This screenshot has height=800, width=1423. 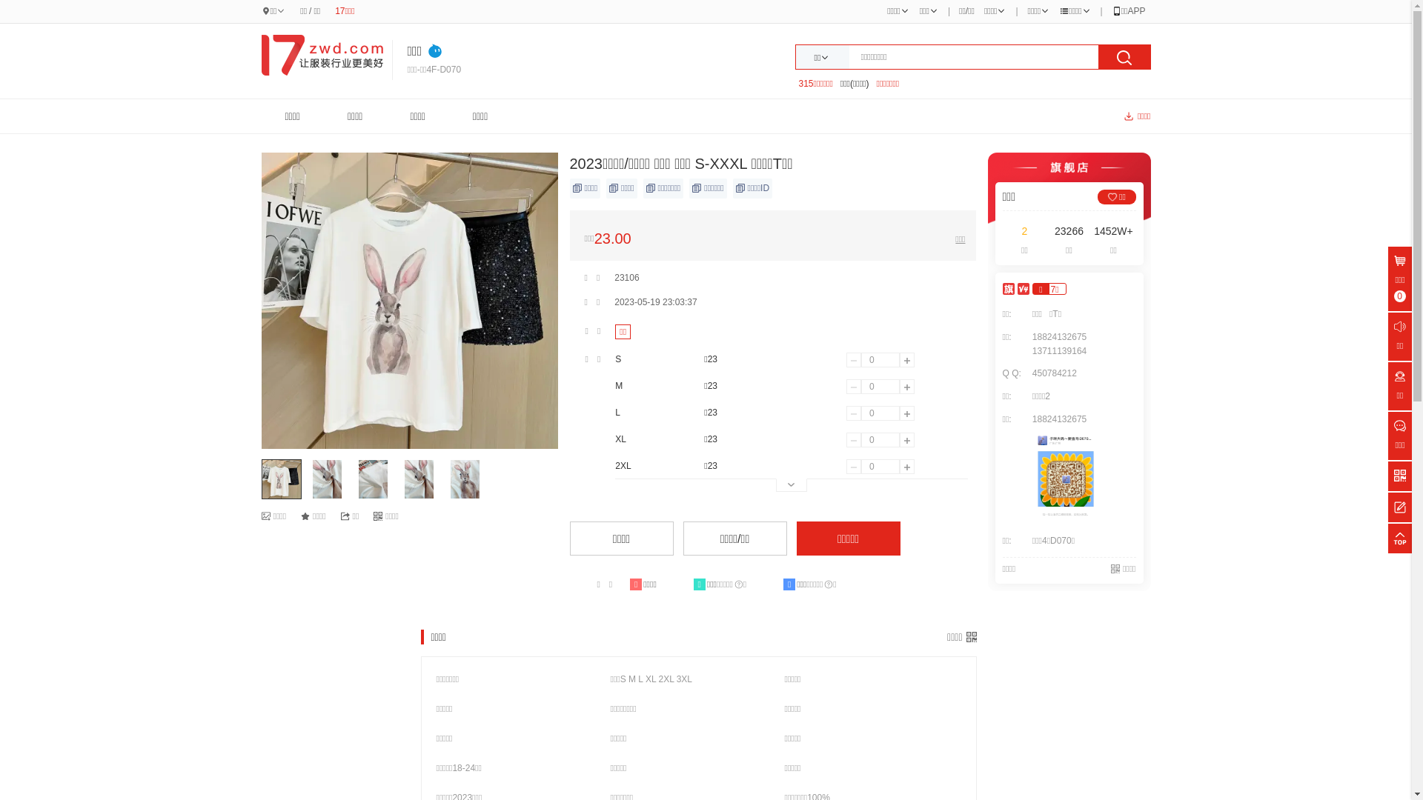 I want to click on '13711139164', so click(x=1027, y=351).